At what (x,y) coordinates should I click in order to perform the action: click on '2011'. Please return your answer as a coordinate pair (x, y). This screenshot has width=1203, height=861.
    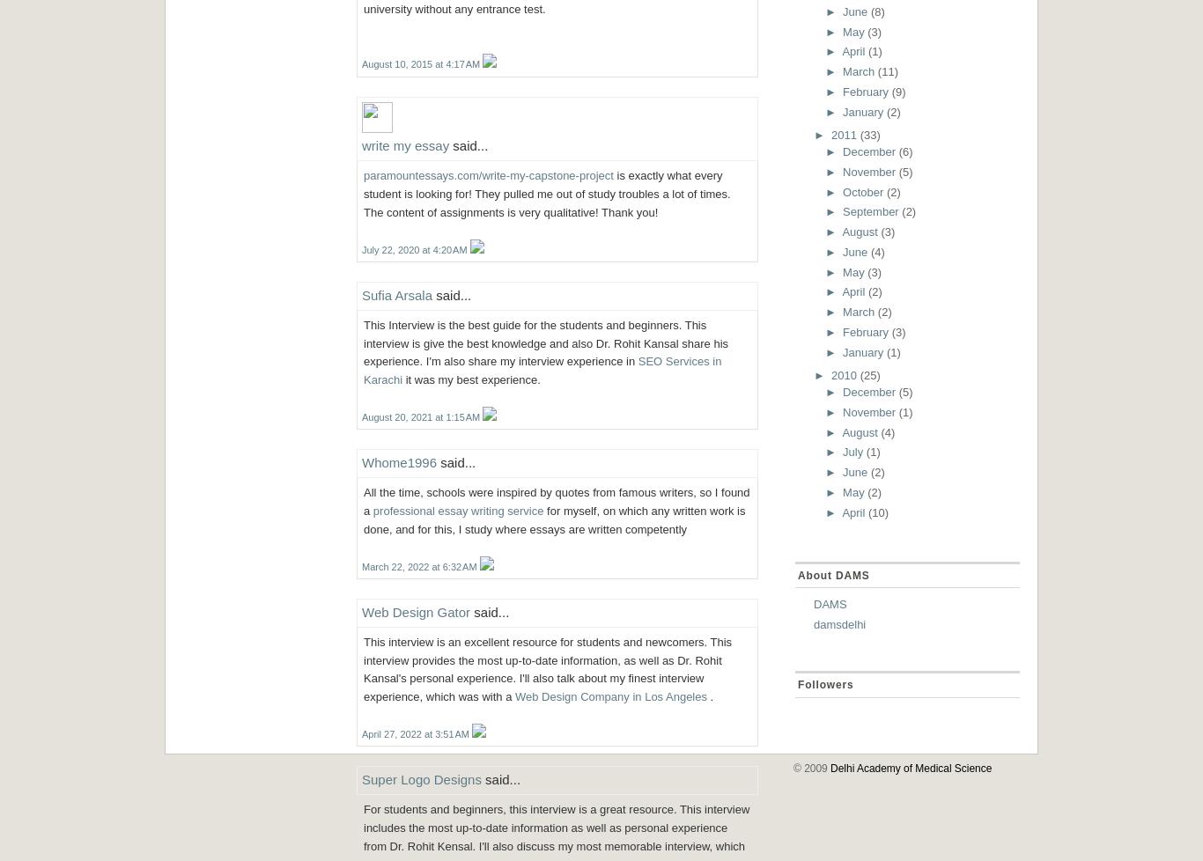
    Looking at the image, I should click on (844, 134).